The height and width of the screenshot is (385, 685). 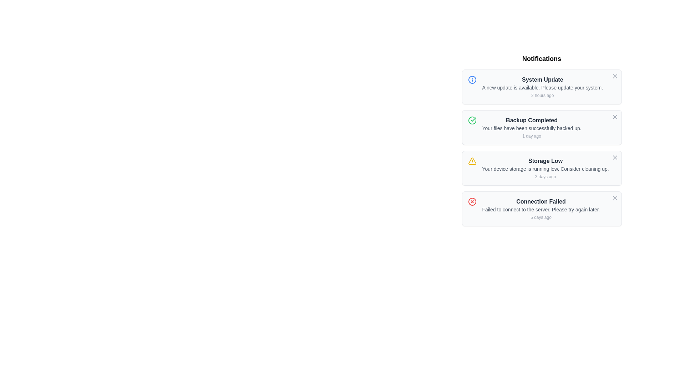 What do you see at coordinates (472, 202) in the screenshot?
I see `the red circular icon with an 'X' glyph that indicates closure or failure, located to the far right of the 'Connection Failed' notification entry` at bounding box center [472, 202].